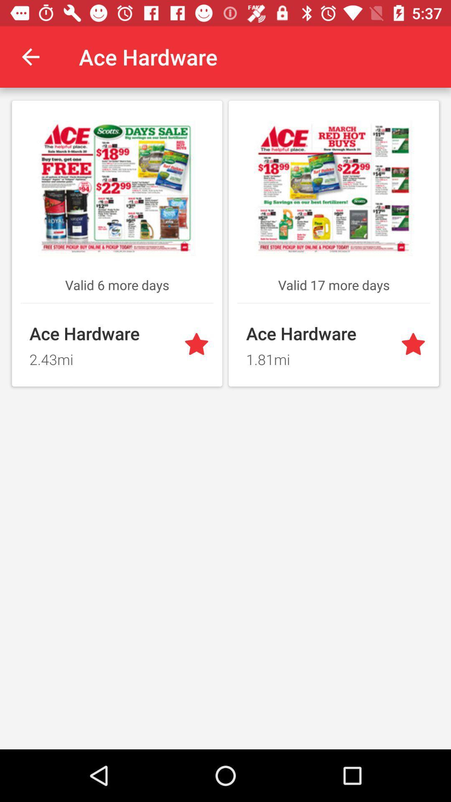  I want to click on 2.43mi item, so click(101, 357).